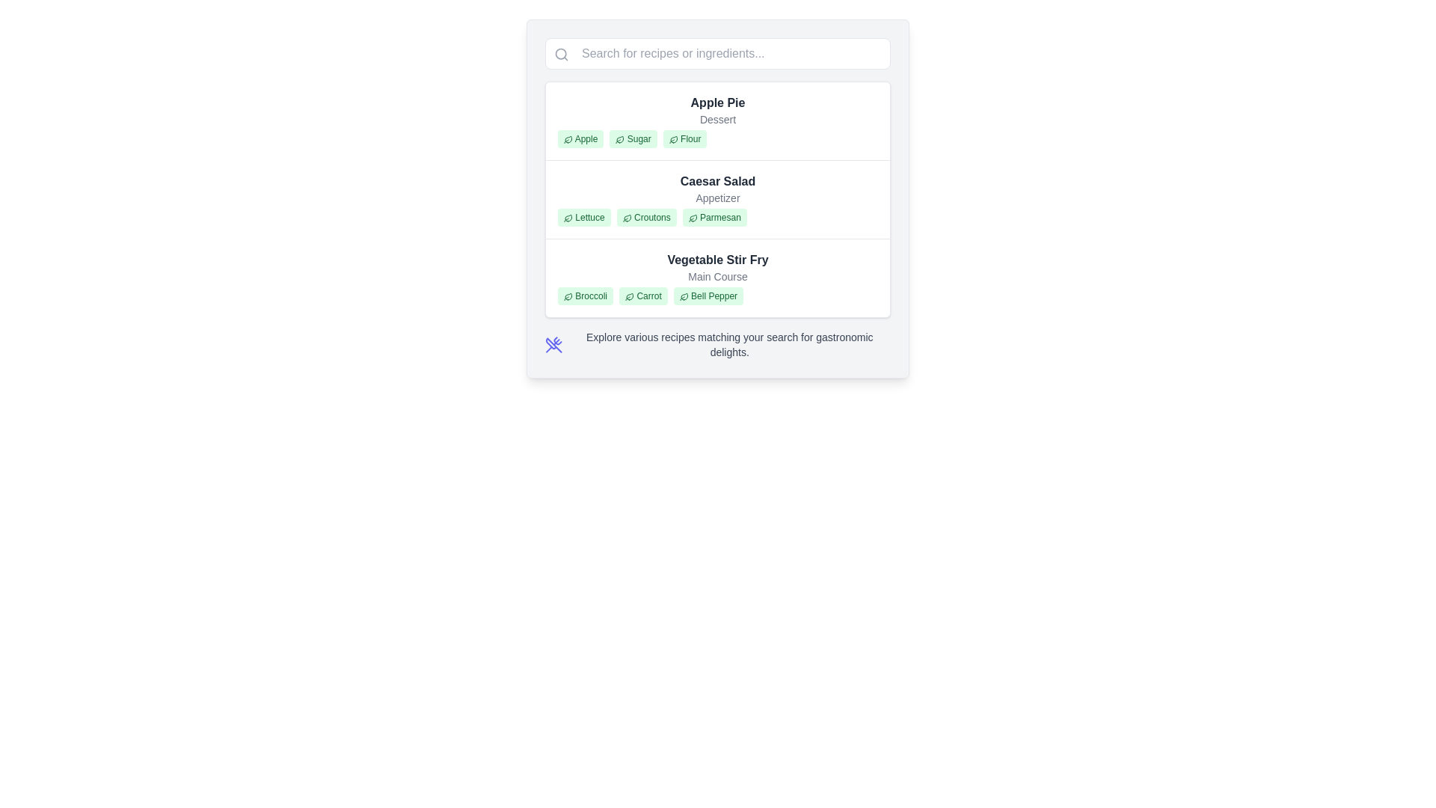 The image size is (1436, 808). Describe the element at coordinates (620, 139) in the screenshot. I see `the 'Sugar' ingredient icon within the green rounded rectangular tag for the 'Apple Pie' recipe` at that location.